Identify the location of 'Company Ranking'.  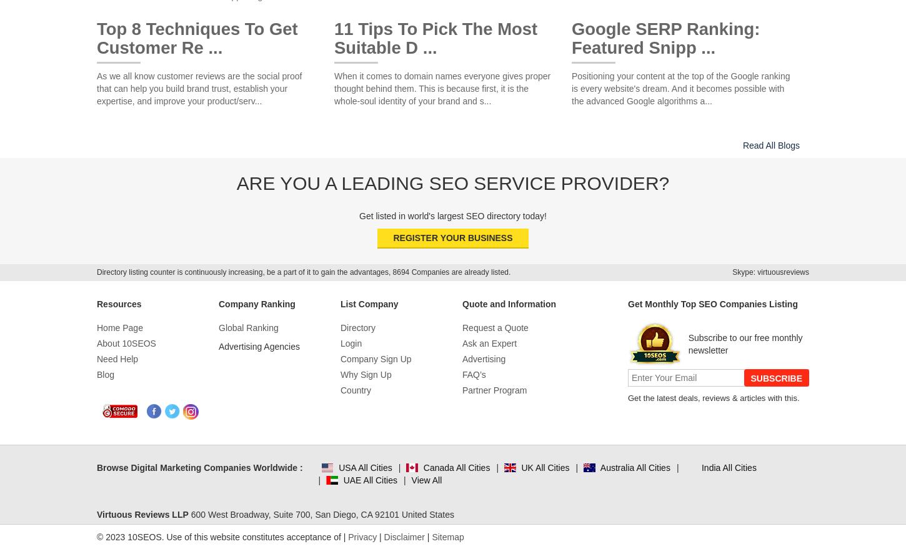
(256, 302).